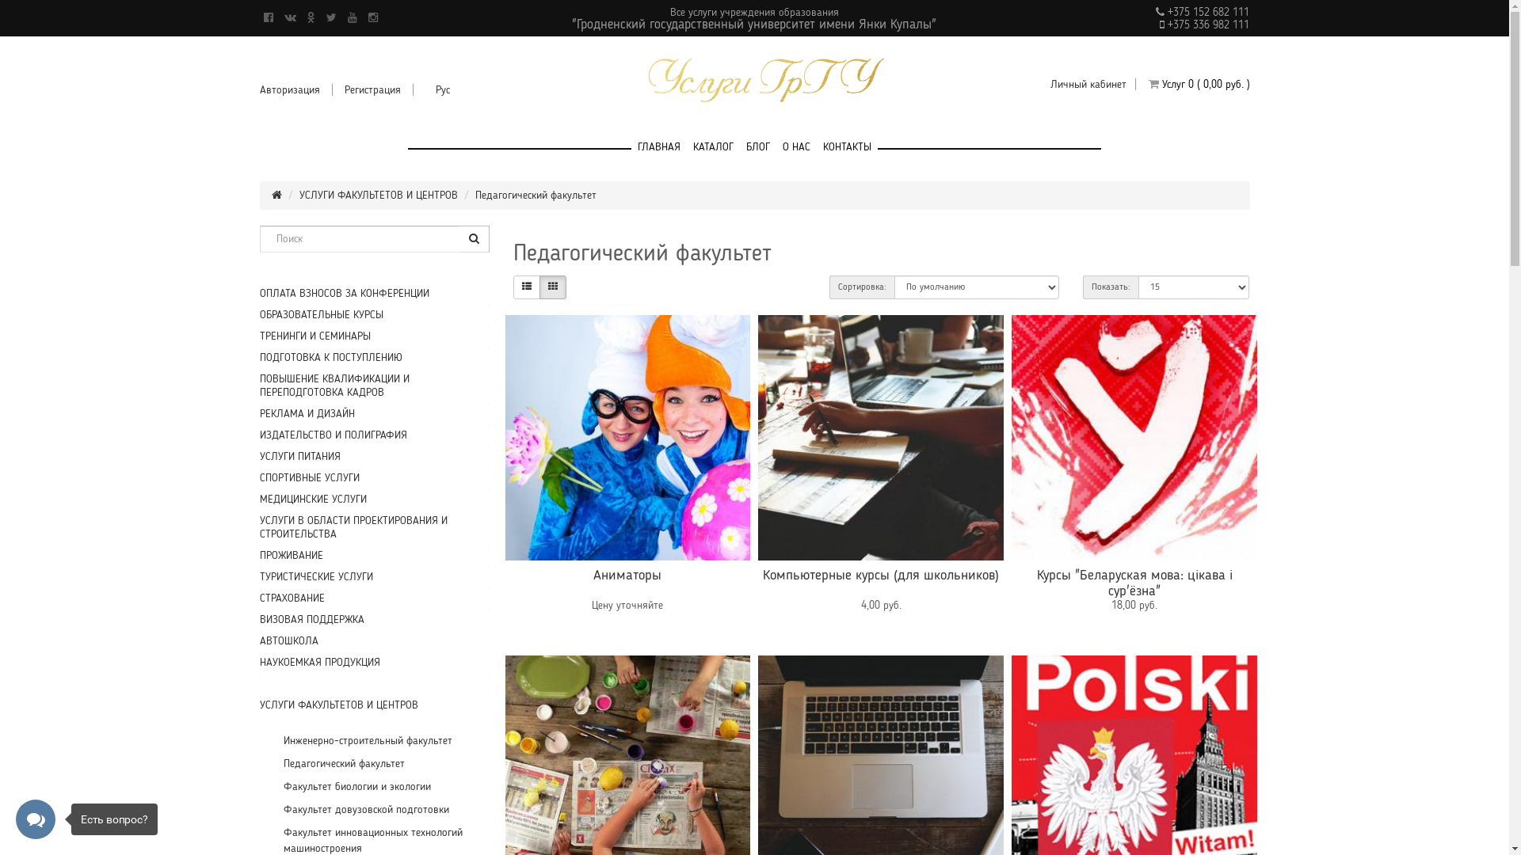 The width and height of the screenshot is (1521, 855). What do you see at coordinates (1206, 12) in the screenshot?
I see `'+375 152 682 111'` at bounding box center [1206, 12].